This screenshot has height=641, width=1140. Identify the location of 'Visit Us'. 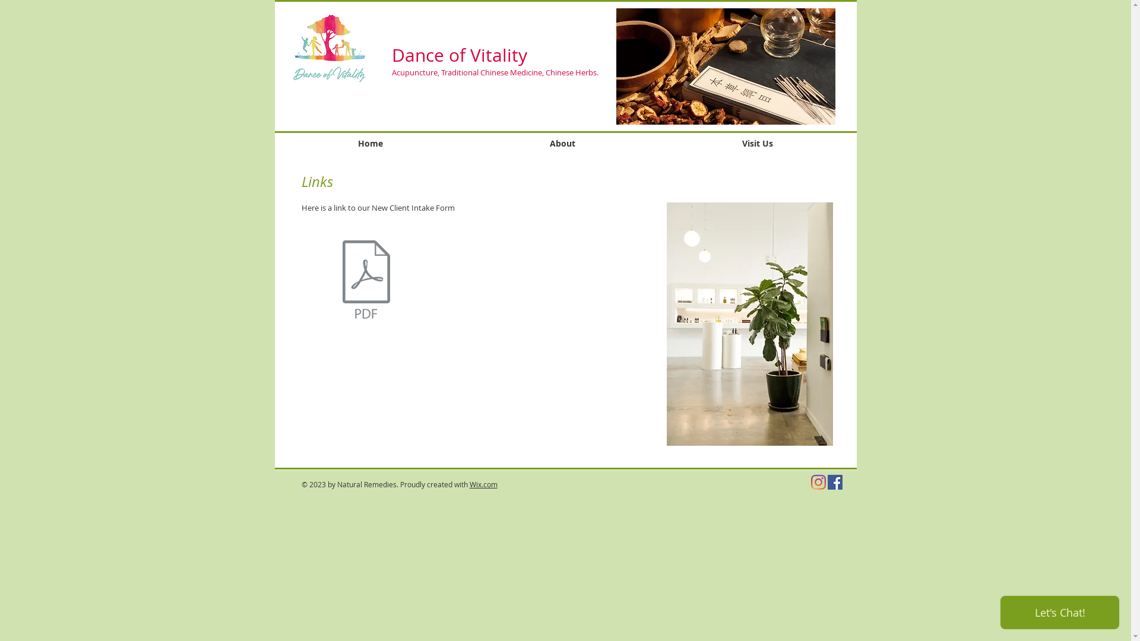
(658, 143).